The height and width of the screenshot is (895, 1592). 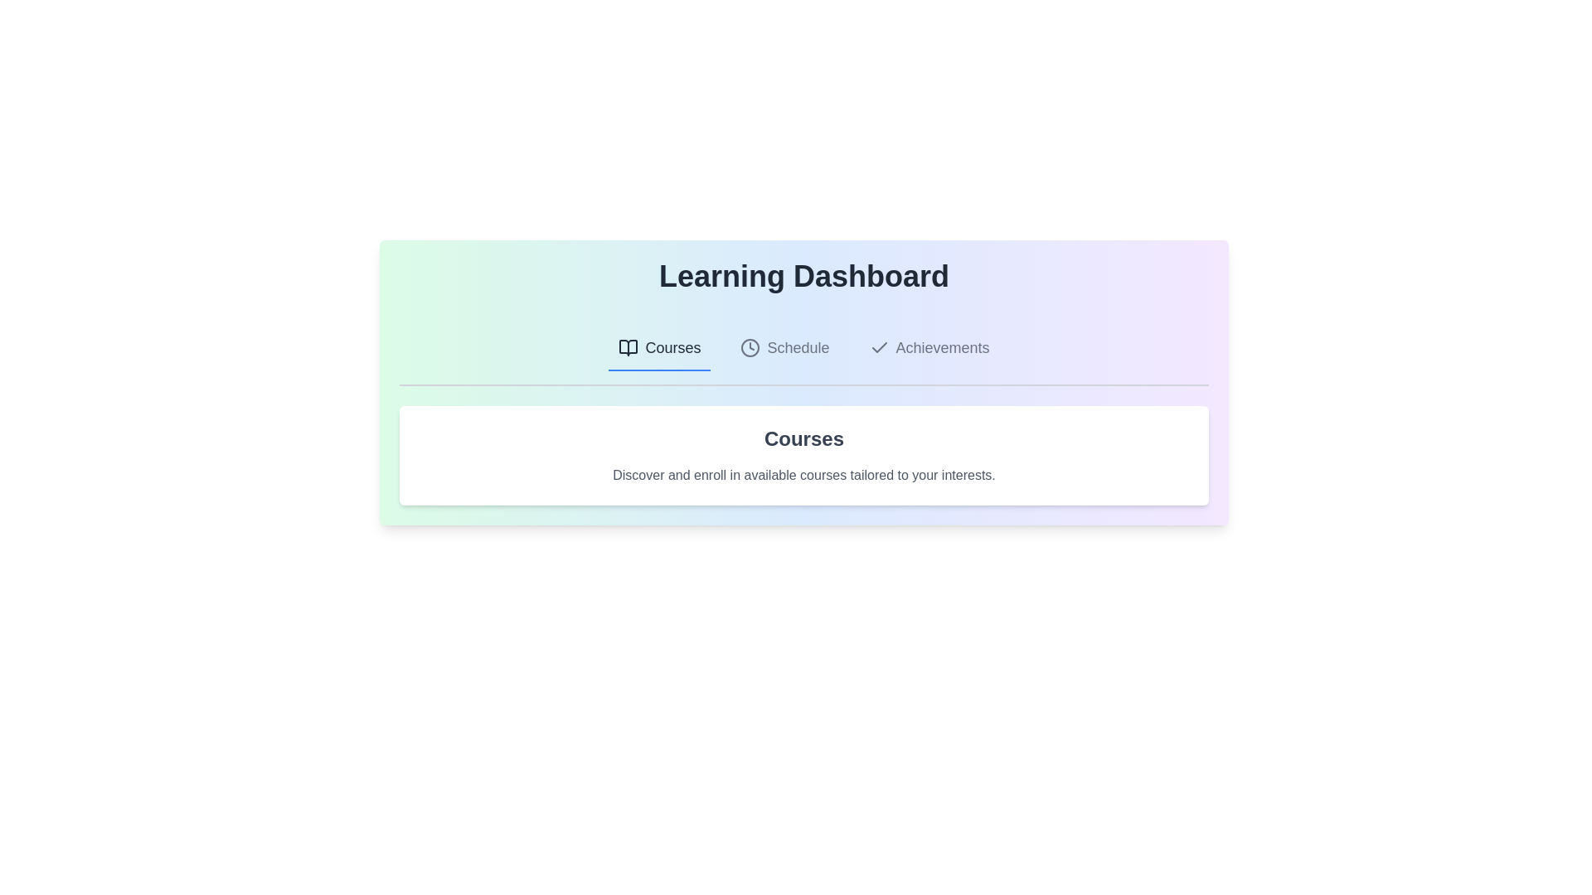 What do you see at coordinates (784, 347) in the screenshot?
I see `the Schedule tab by clicking on its label or icon` at bounding box center [784, 347].